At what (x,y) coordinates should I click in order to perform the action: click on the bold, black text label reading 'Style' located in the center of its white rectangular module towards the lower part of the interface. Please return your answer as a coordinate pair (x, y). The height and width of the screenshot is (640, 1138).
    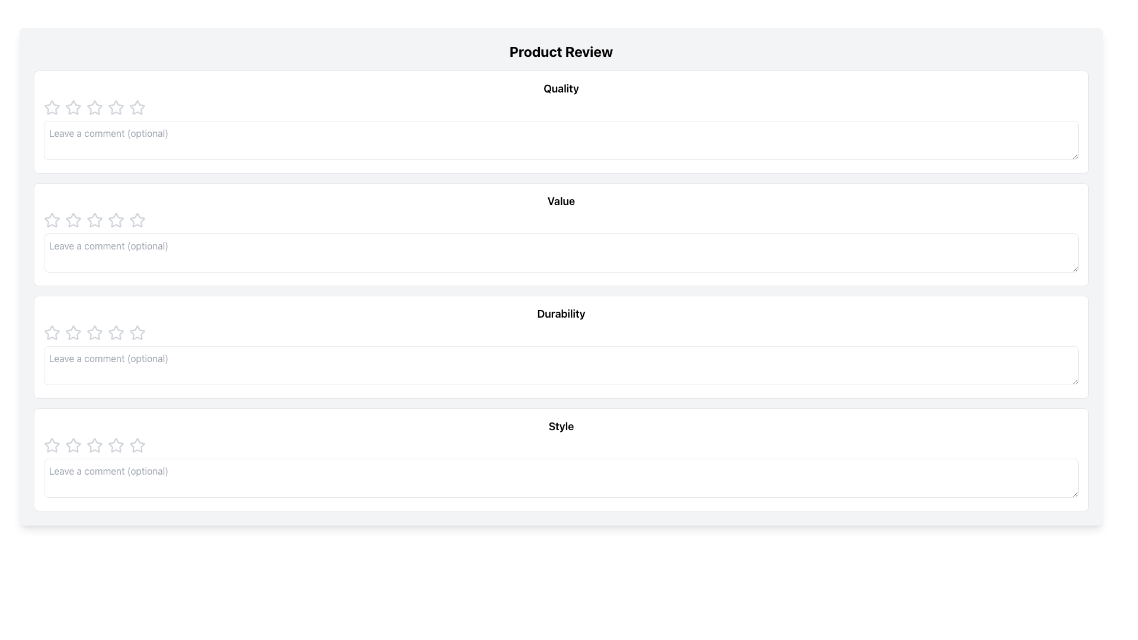
    Looking at the image, I should click on (560, 427).